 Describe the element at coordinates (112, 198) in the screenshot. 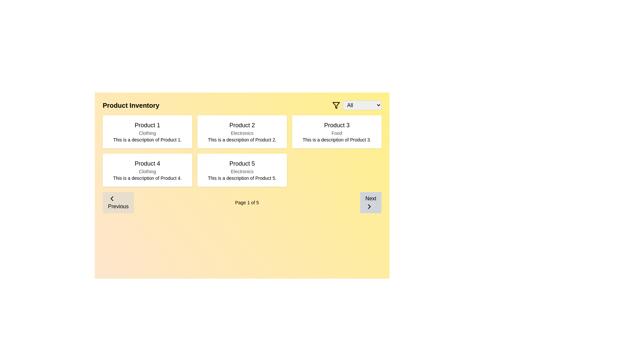

I see `the leftward arrow icon of the 'Previous' button located at the bottom left of the interface, which indicates the backward navigation function` at that location.